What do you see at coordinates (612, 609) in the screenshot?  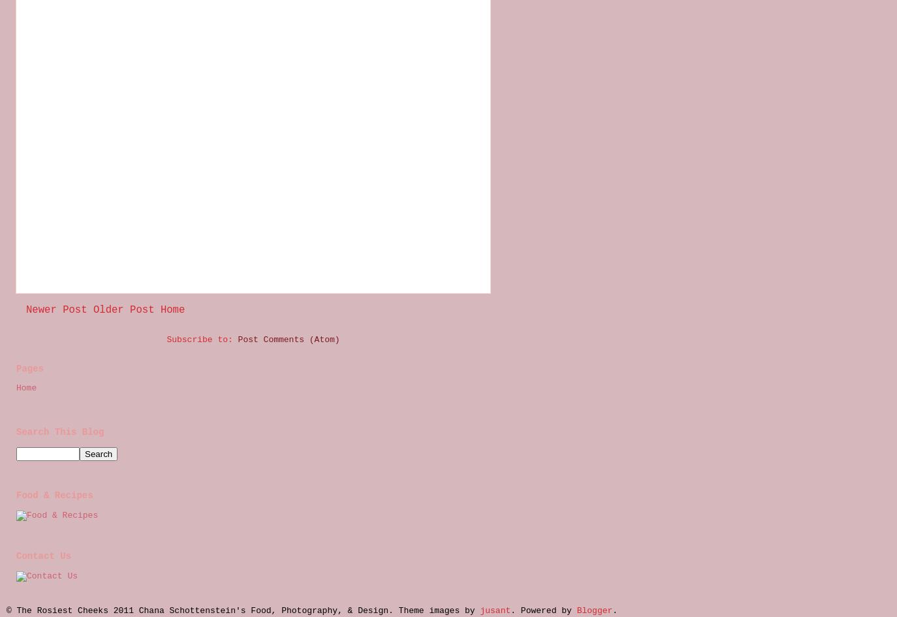 I see `'.'` at bounding box center [612, 609].